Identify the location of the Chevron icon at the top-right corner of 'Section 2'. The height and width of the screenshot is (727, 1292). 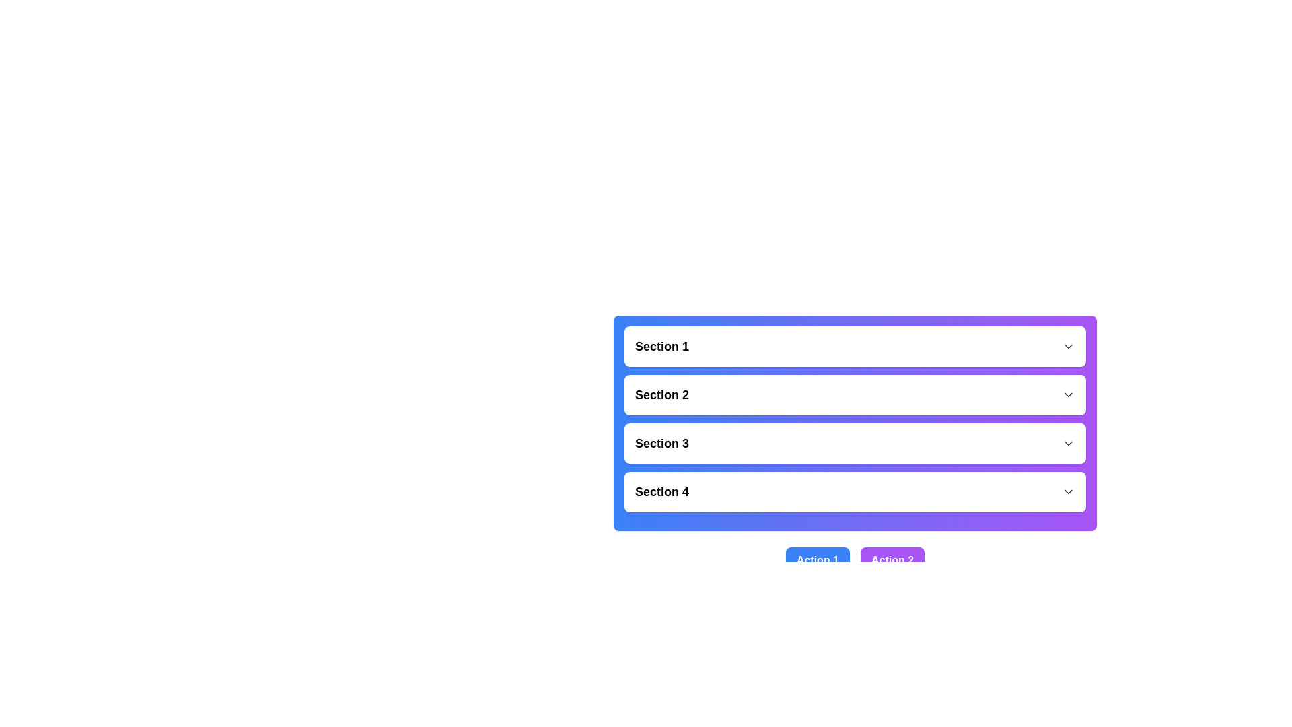
(1068, 394).